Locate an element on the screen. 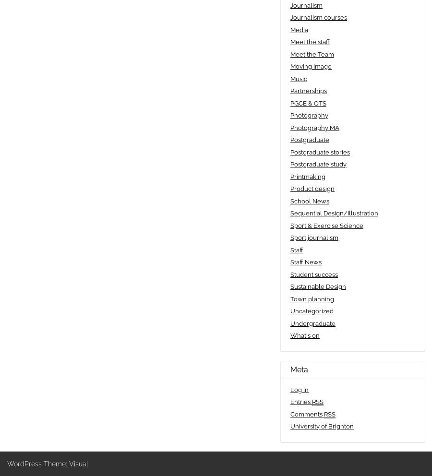 This screenshot has height=476, width=432. 'Postgraduate' is located at coordinates (310, 140).